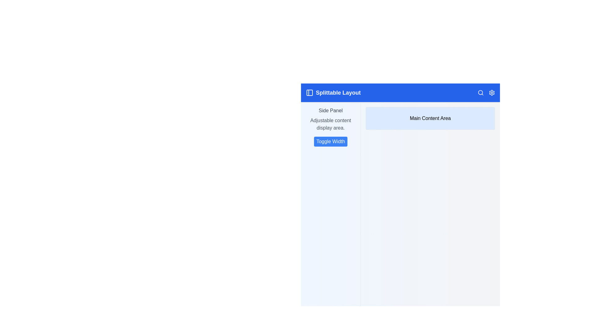 The width and height of the screenshot is (594, 334). What do you see at coordinates (333, 93) in the screenshot?
I see `the header title element displaying 'Splittable Layout' at the top left corner of the UI` at bounding box center [333, 93].